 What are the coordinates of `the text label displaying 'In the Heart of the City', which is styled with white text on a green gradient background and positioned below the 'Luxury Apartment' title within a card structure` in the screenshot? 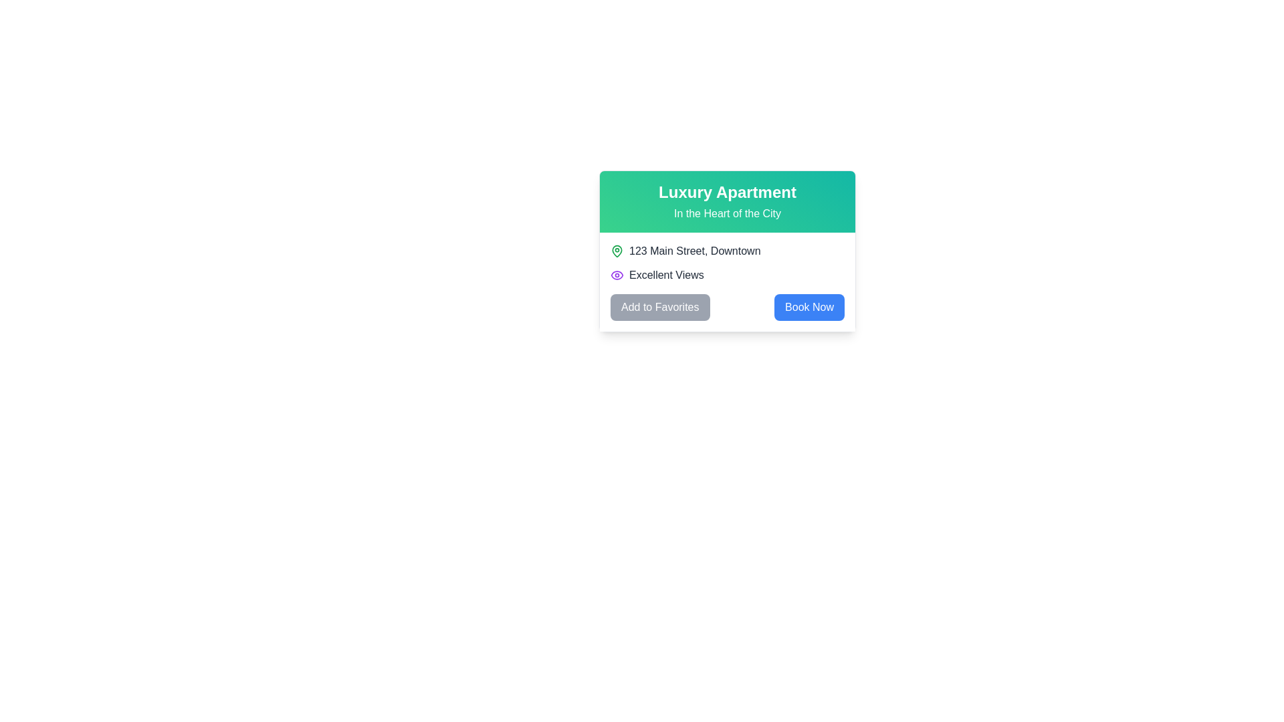 It's located at (727, 213).